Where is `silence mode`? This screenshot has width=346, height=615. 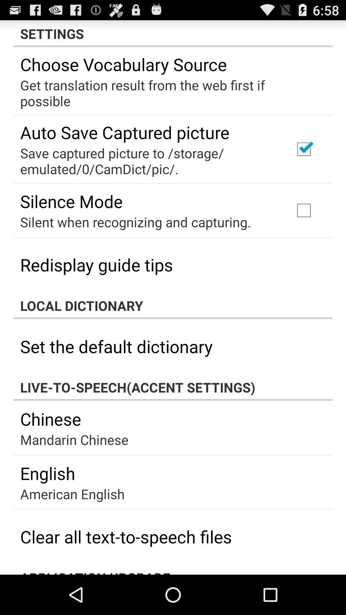
silence mode is located at coordinates (71, 201).